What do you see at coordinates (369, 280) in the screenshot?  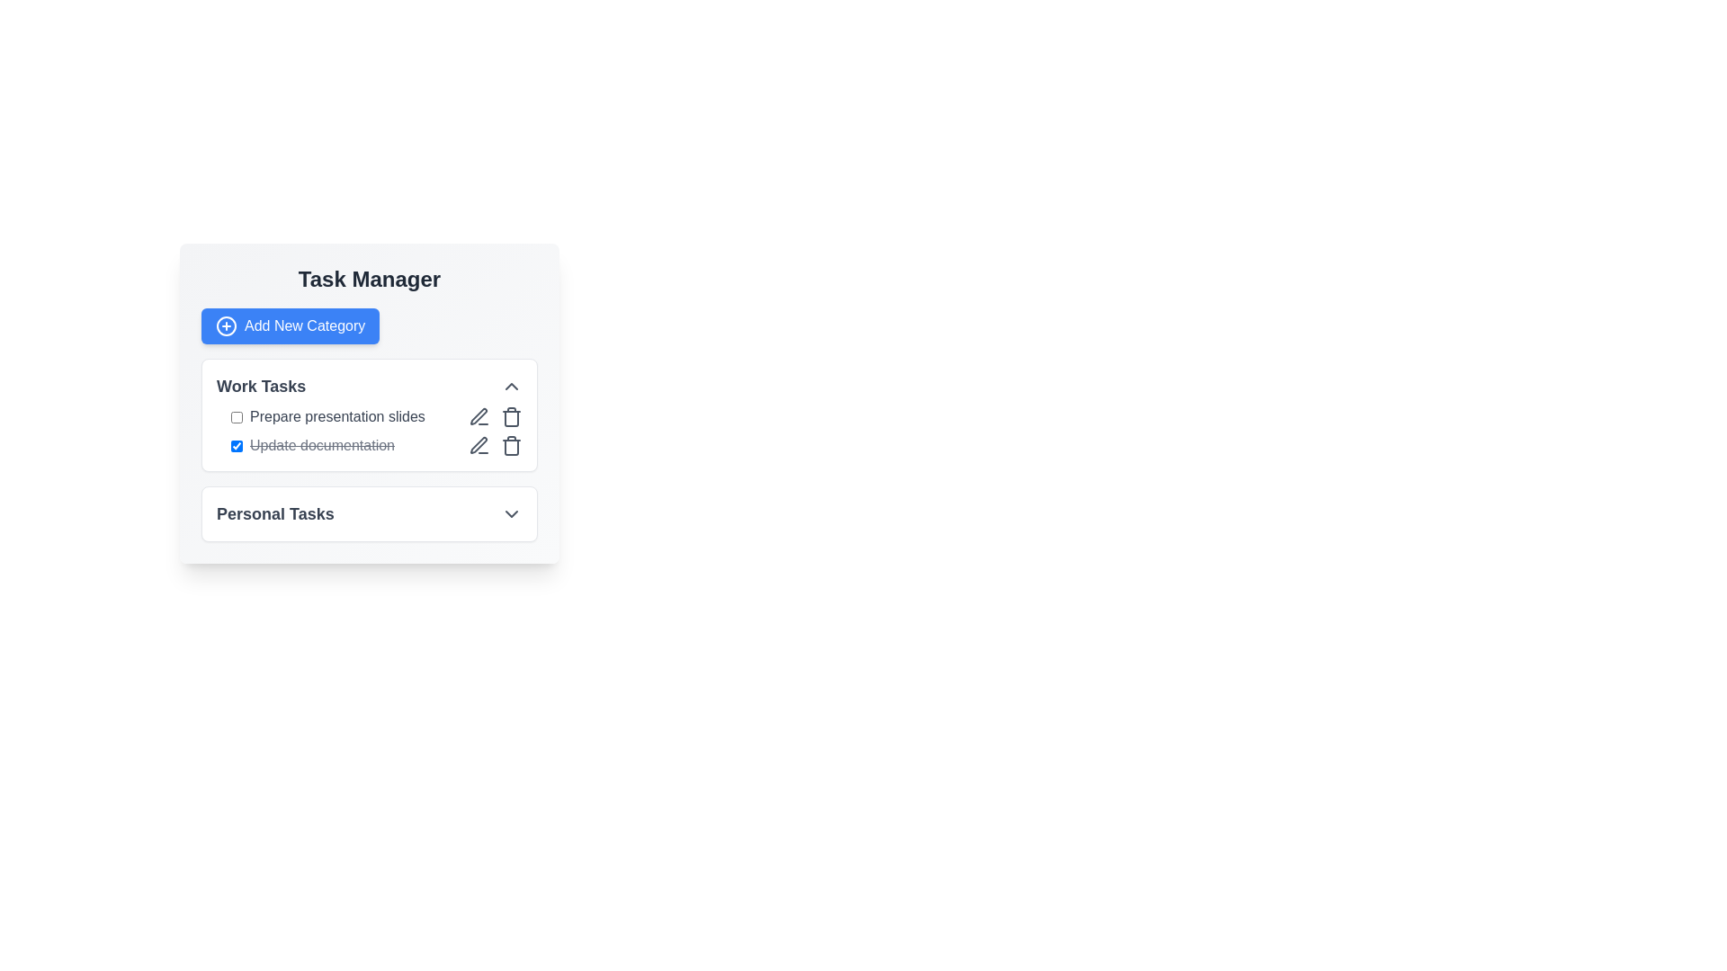 I see `the Heading or Title Text that serves as the title of the interface, indicating the purpose of the displayed content below it` at bounding box center [369, 280].